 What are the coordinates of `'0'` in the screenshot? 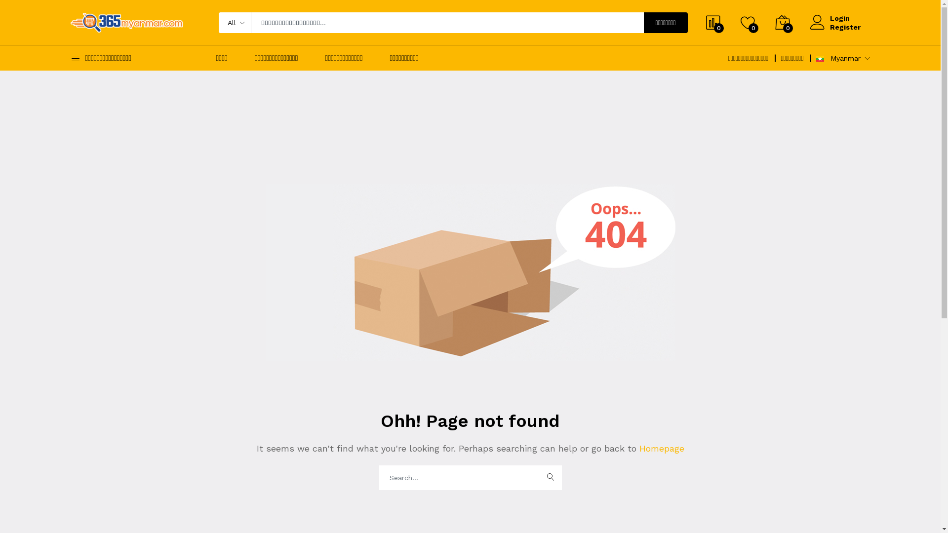 It's located at (748, 22).